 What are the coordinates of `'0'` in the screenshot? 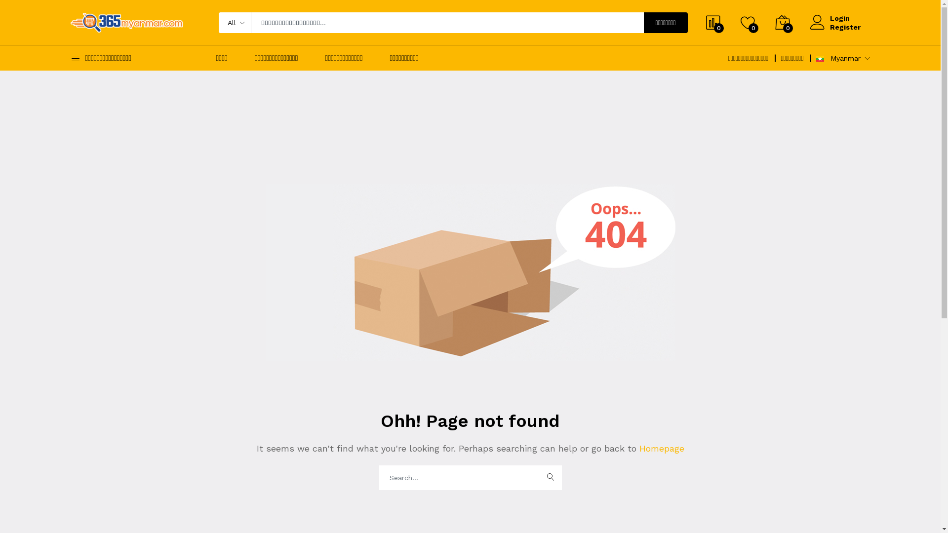 It's located at (748, 22).